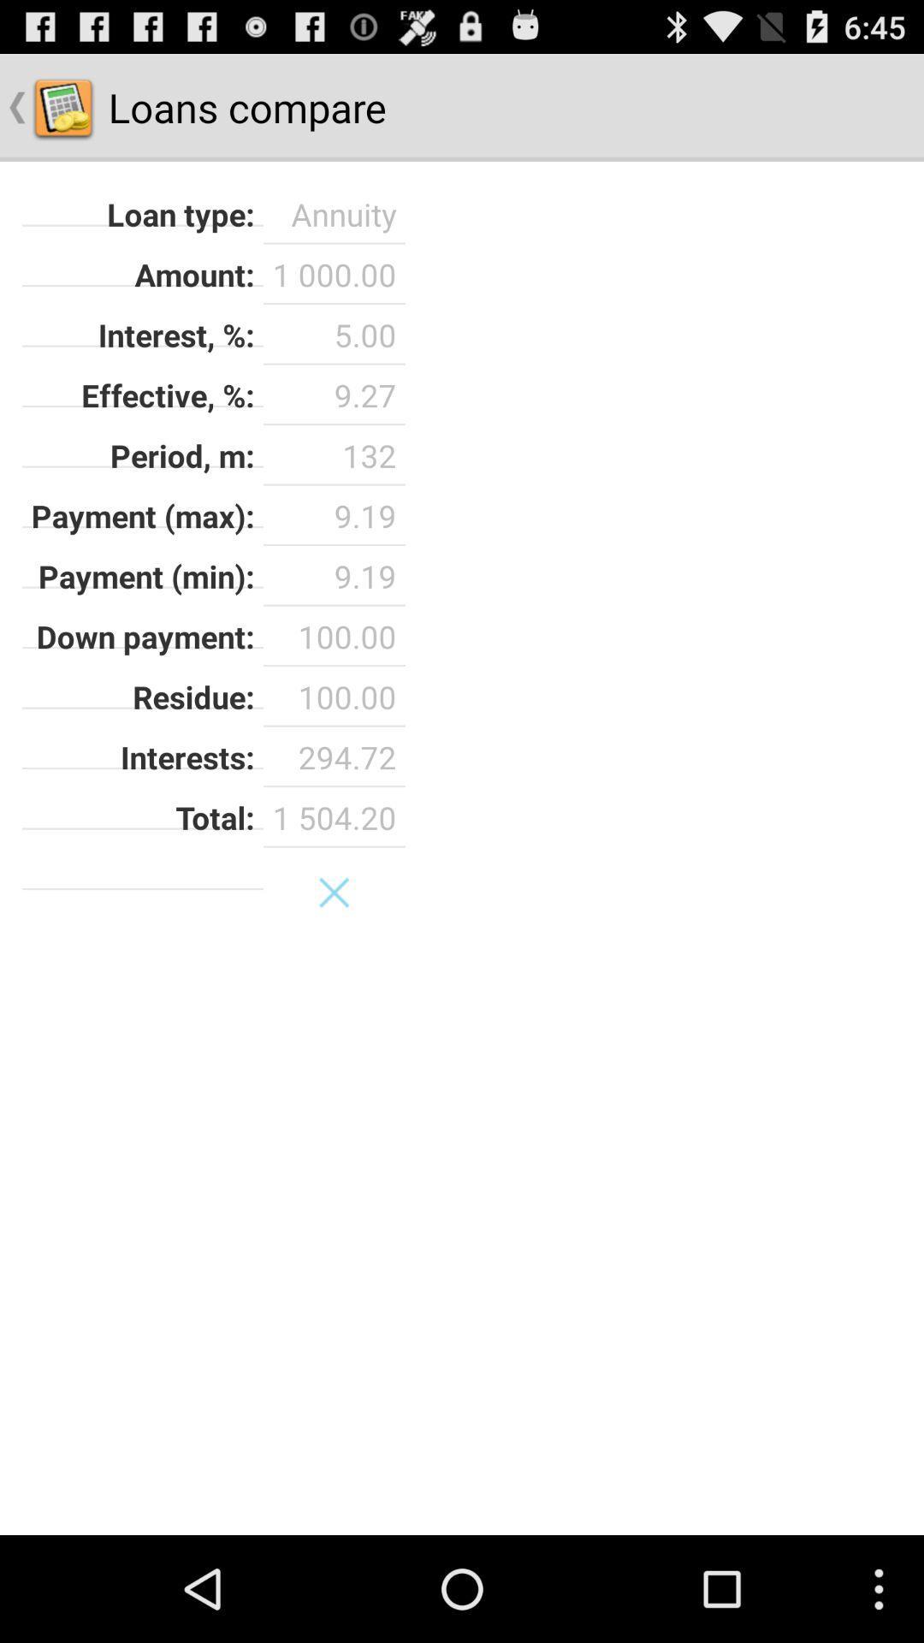 This screenshot has height=1643, width=924. I want to click on the close icon, so click(334, 954).